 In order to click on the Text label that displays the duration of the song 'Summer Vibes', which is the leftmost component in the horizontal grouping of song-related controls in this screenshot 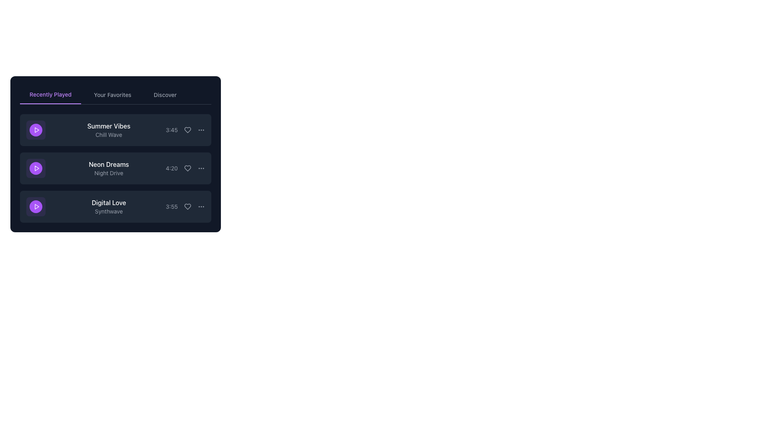, I will do `click(171, 130)`.